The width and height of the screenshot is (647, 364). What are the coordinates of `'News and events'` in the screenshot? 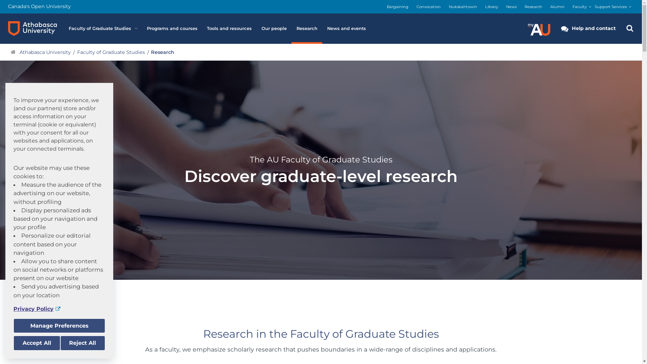 It's located at (346, 28).